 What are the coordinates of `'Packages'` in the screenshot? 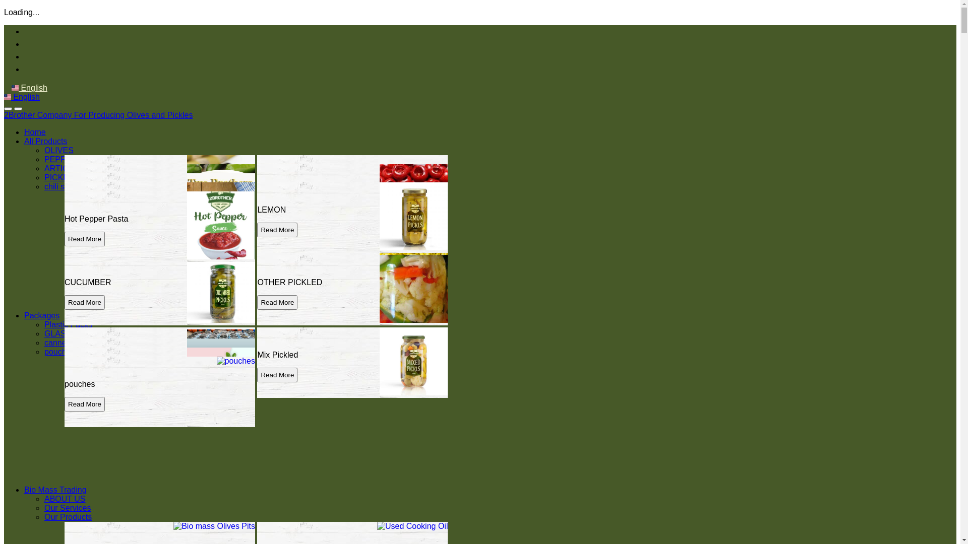 It's located at (41, 315).